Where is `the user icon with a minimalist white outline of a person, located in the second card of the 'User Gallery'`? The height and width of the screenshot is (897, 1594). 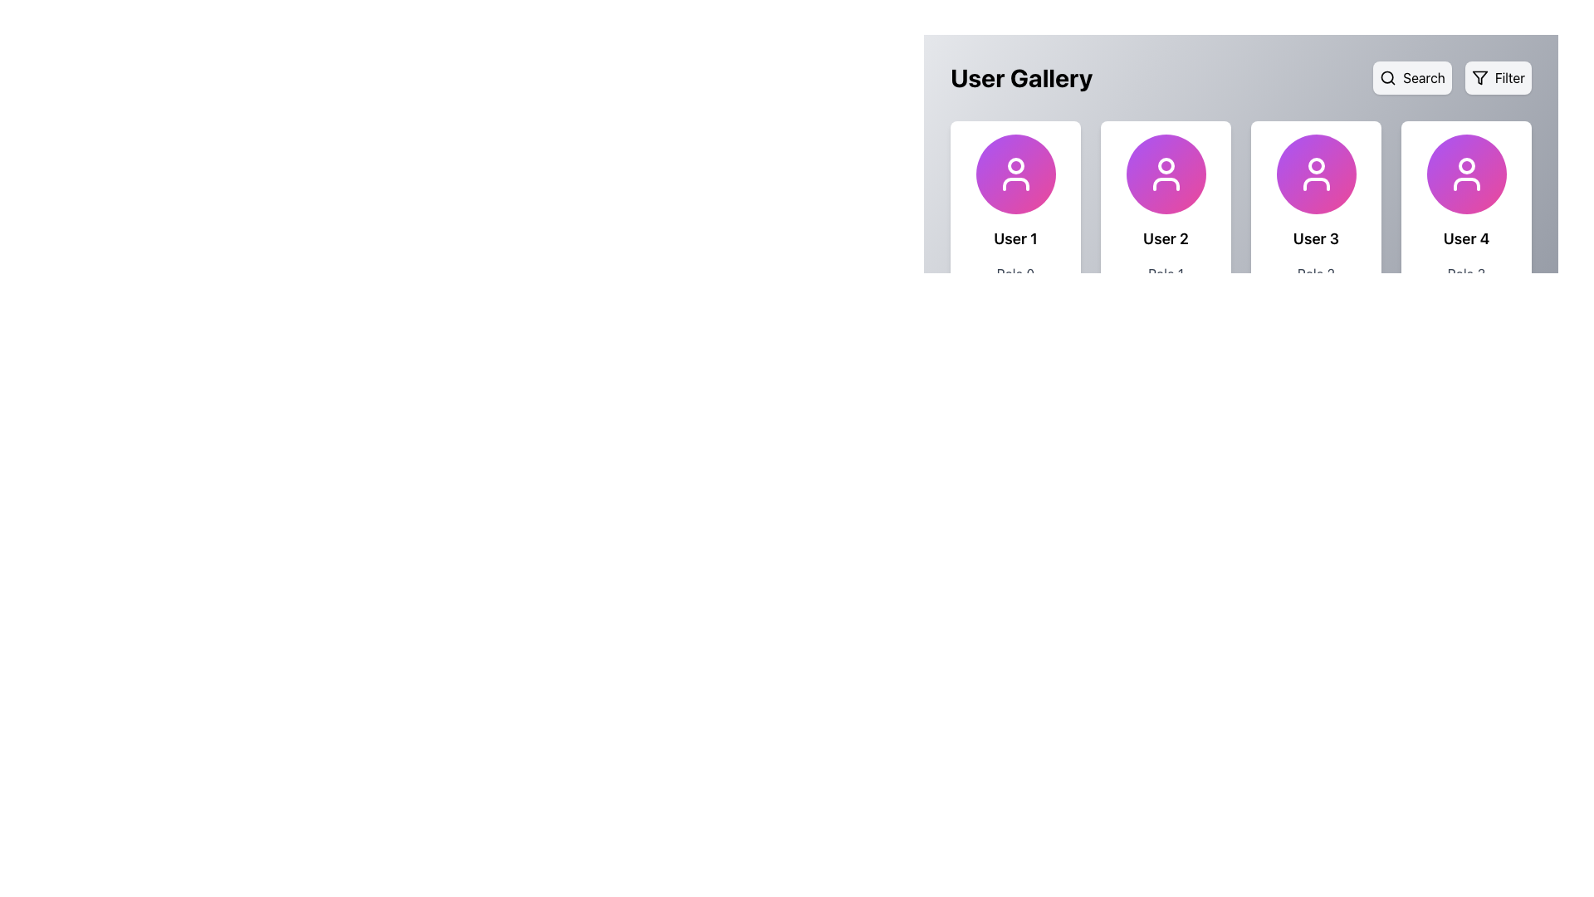
the user icon with a minimalist white outline of a person, located in the second card of the 'User Gallery' is located at coordinates (1165, 174).